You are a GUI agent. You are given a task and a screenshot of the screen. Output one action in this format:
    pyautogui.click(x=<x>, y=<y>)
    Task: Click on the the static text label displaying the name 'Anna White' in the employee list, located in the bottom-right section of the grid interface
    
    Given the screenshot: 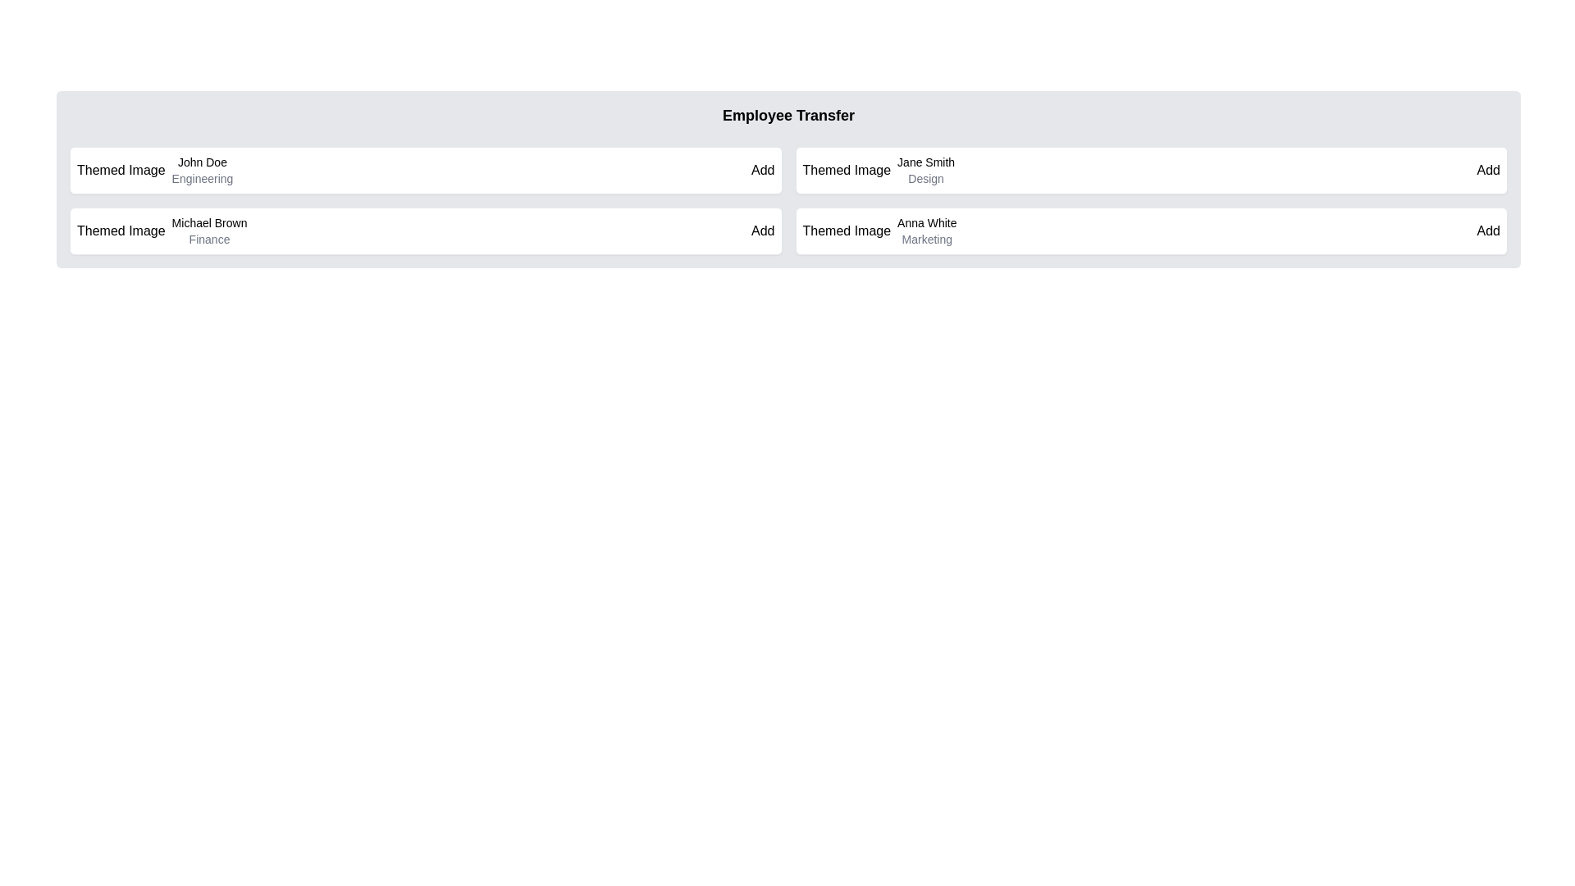 What is the action you would take?
    pyautogui.click(x=927, y=223)
    